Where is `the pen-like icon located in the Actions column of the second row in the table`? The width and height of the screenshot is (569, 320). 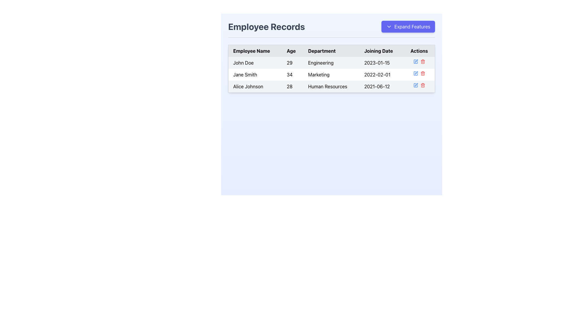 the pen-like icon located in the Actions column of the second row in the table is located at coordinates (415, 73).